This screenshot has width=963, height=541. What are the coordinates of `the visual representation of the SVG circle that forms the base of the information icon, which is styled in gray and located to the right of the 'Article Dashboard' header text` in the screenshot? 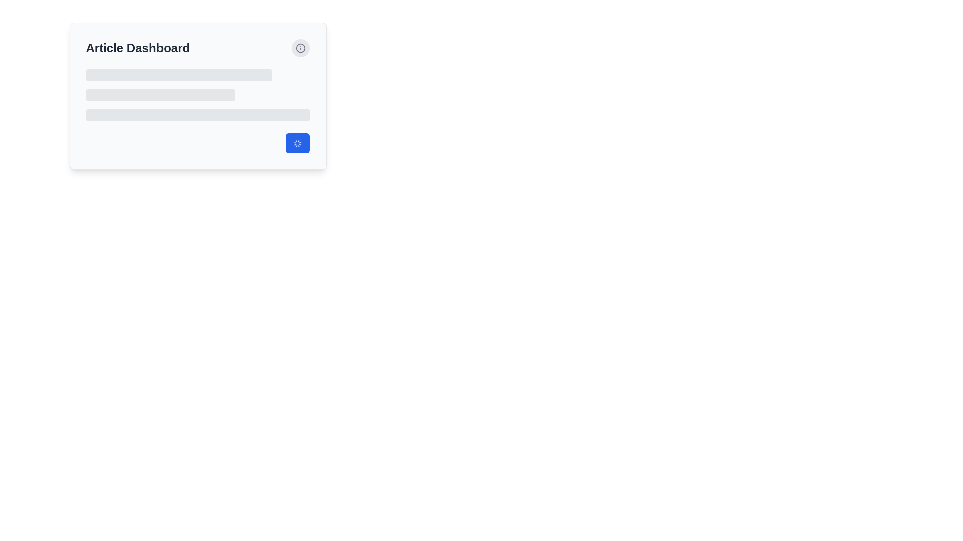 It's located at (300, 48).